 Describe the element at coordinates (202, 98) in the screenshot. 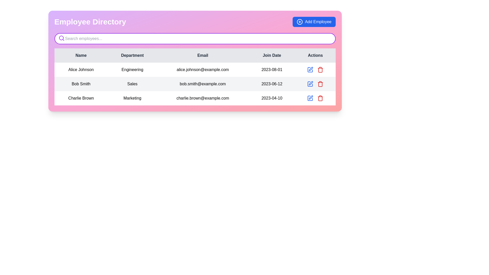

I see `the text element displaying the email address 'charlie.brown@example.com' located in the third row and third column of the table` at that location.